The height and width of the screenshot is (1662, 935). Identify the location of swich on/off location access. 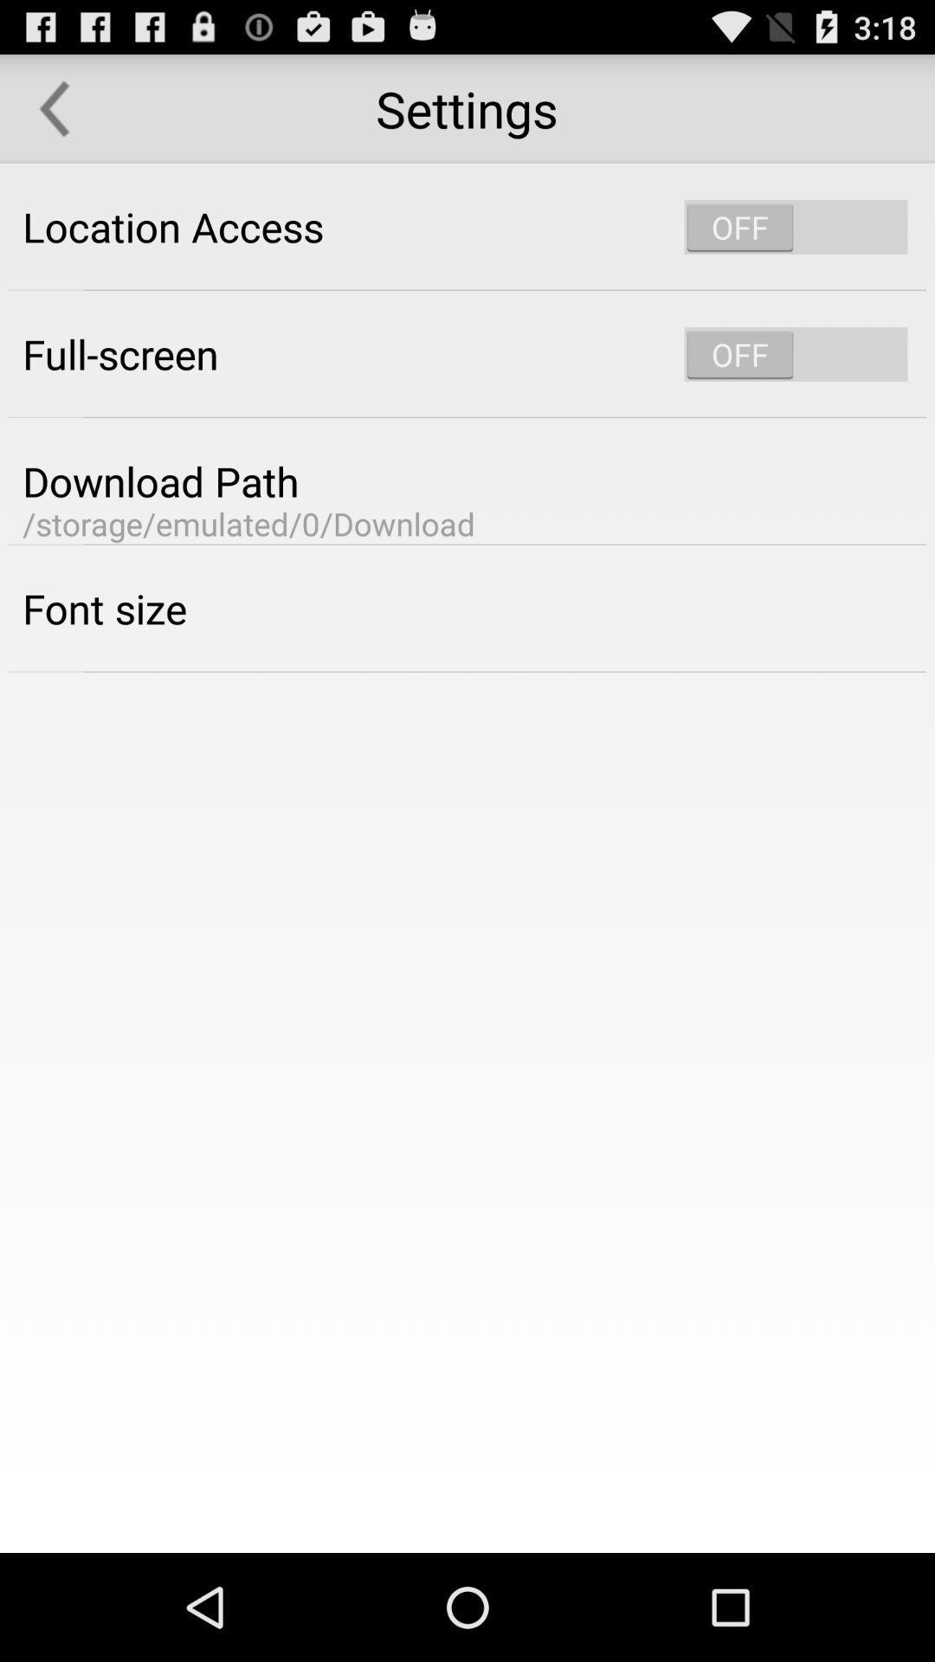
(796, 226).